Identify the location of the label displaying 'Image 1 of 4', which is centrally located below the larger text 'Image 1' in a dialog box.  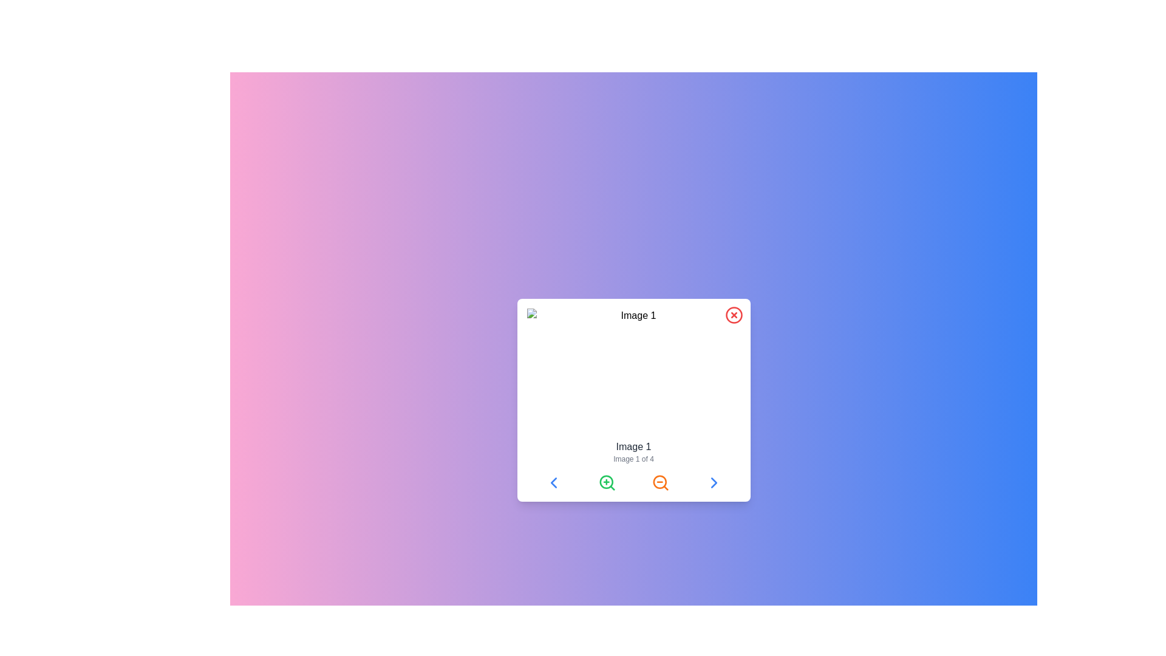
(633, 459).